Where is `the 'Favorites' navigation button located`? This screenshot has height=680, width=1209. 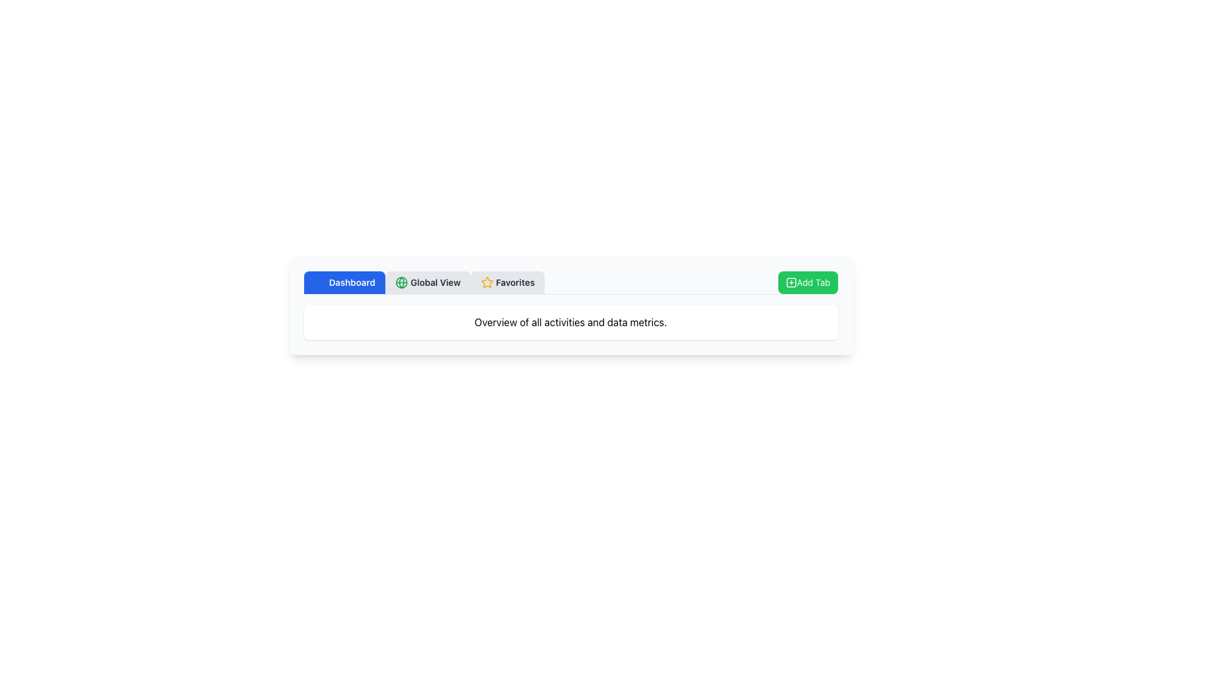 the 'Favorites' navigation button located is located at coordinates (508, 281).